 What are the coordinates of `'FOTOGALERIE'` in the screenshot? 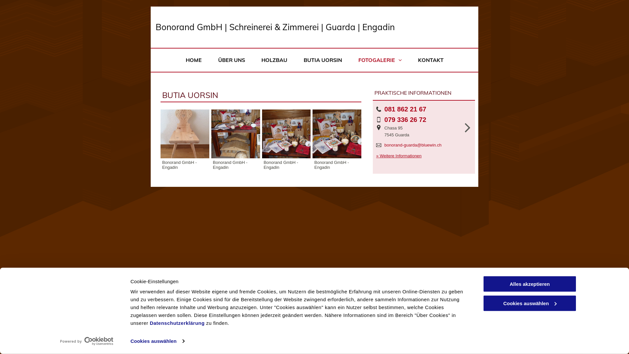 It's located at (350, 60).